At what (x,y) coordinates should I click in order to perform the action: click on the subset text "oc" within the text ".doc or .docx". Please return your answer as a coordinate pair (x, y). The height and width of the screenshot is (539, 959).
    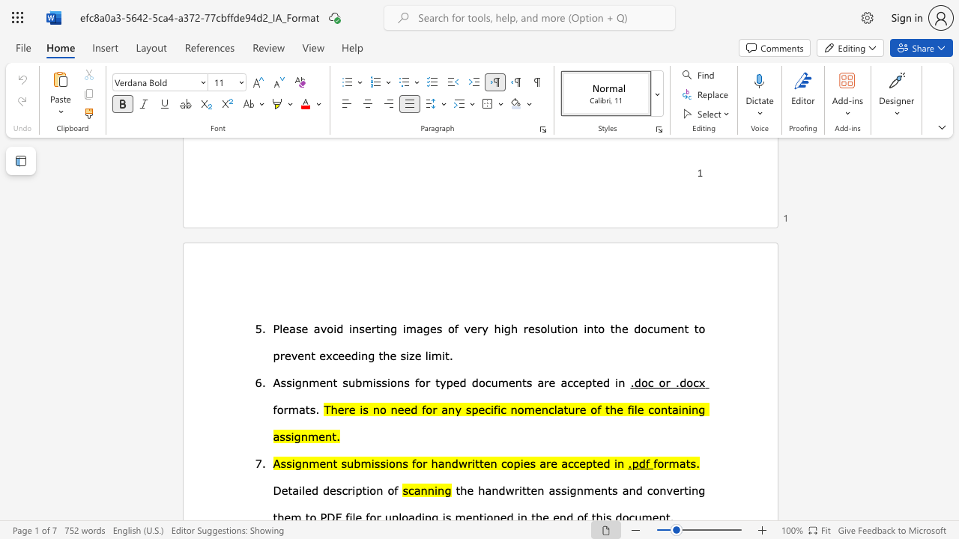
    Looking at the image, I should click on (686, 381).